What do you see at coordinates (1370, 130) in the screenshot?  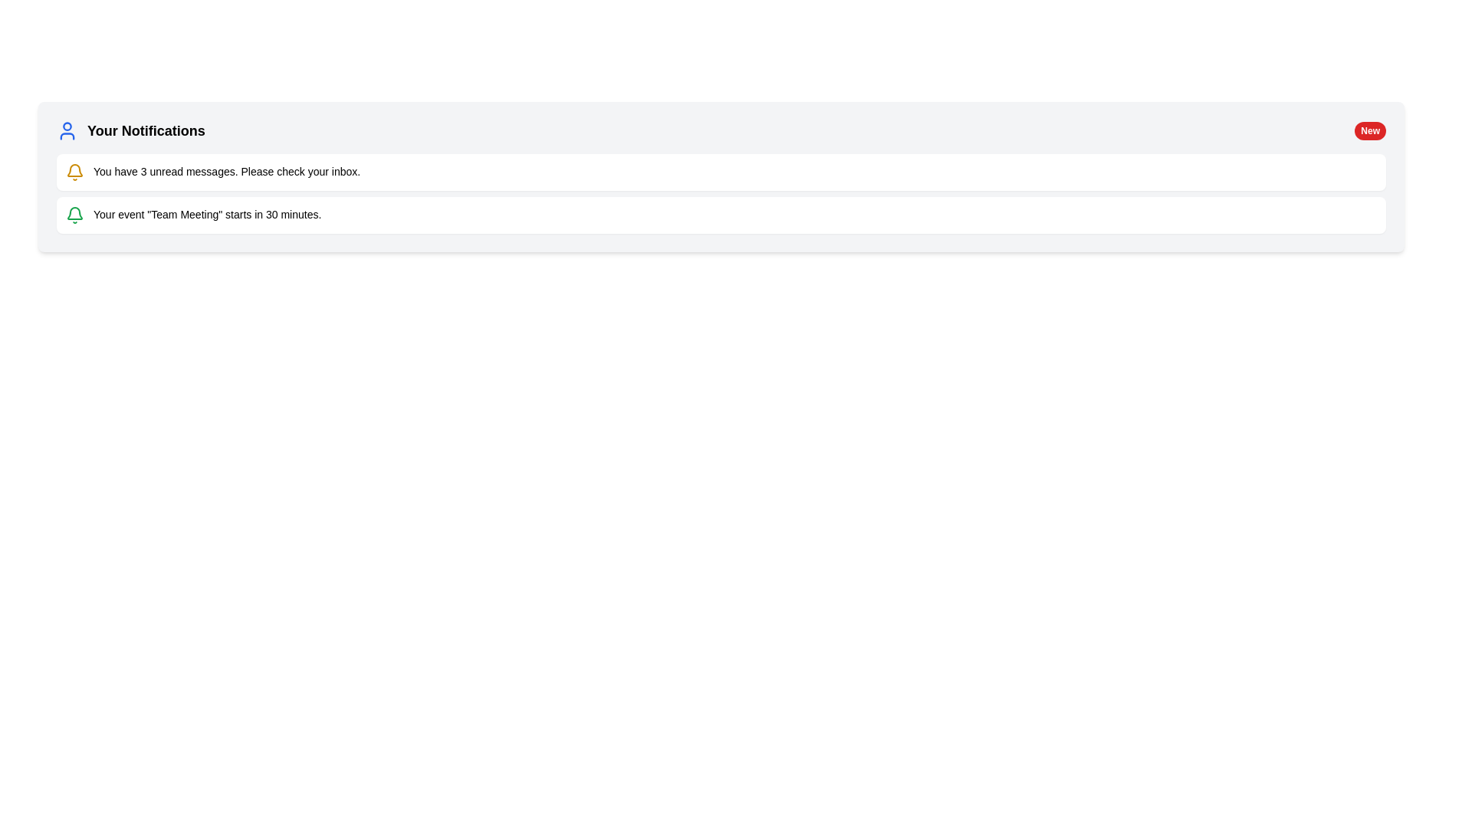 I see `the content of the Badge element, which is a red rounded rectangle containing the text 'New' in white, styled with bold fonts, located at the far right of the header section labeled 'Your Notifications'` at bounding box center [1370, 130].